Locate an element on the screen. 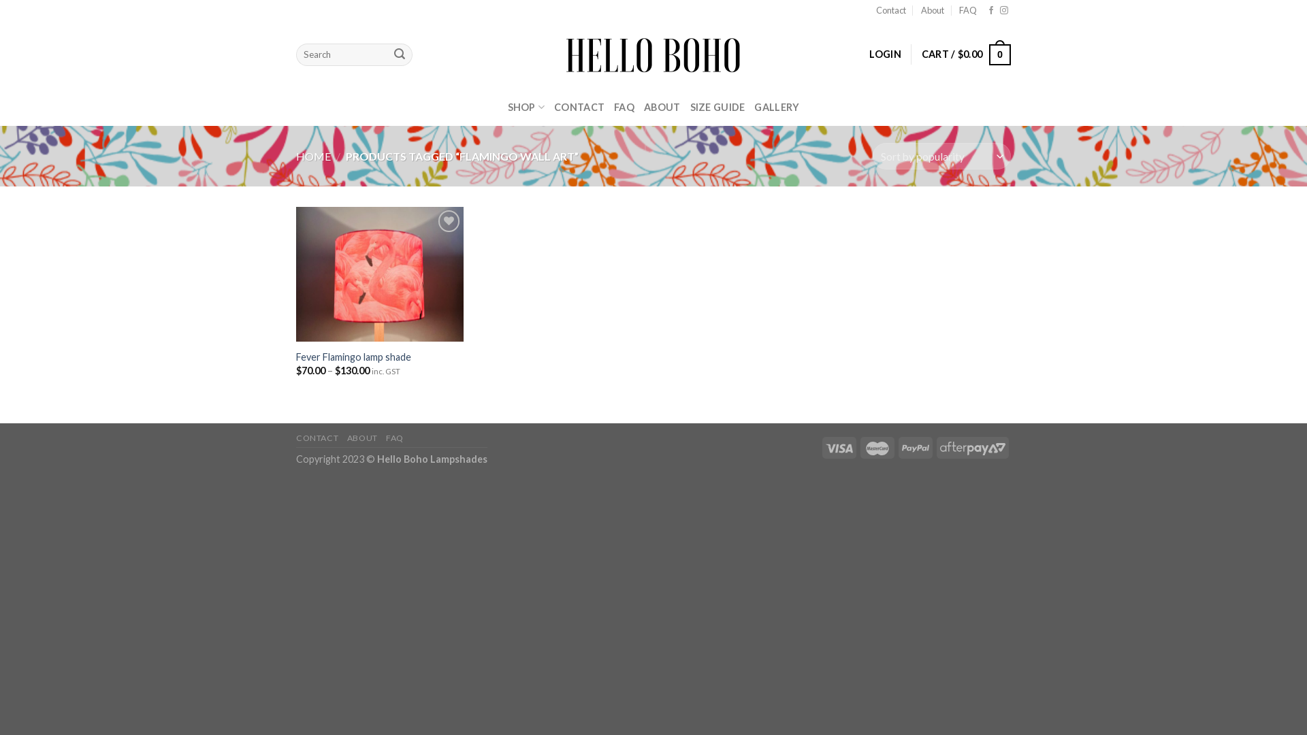  'FAQ' is located at coordinates (385, 438).